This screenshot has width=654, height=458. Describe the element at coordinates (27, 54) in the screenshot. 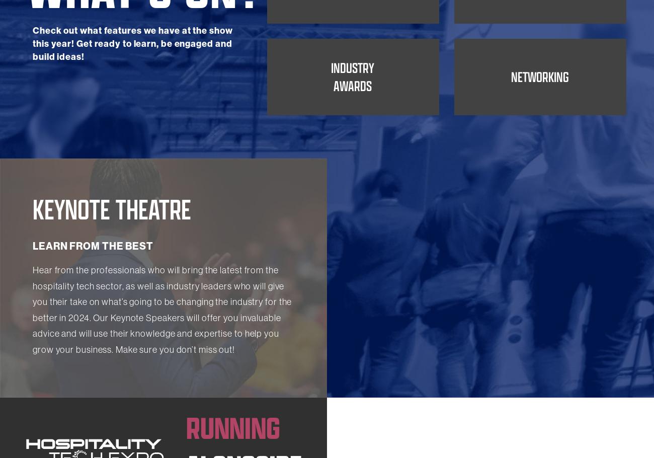

I see `'What's On?'` at that location.